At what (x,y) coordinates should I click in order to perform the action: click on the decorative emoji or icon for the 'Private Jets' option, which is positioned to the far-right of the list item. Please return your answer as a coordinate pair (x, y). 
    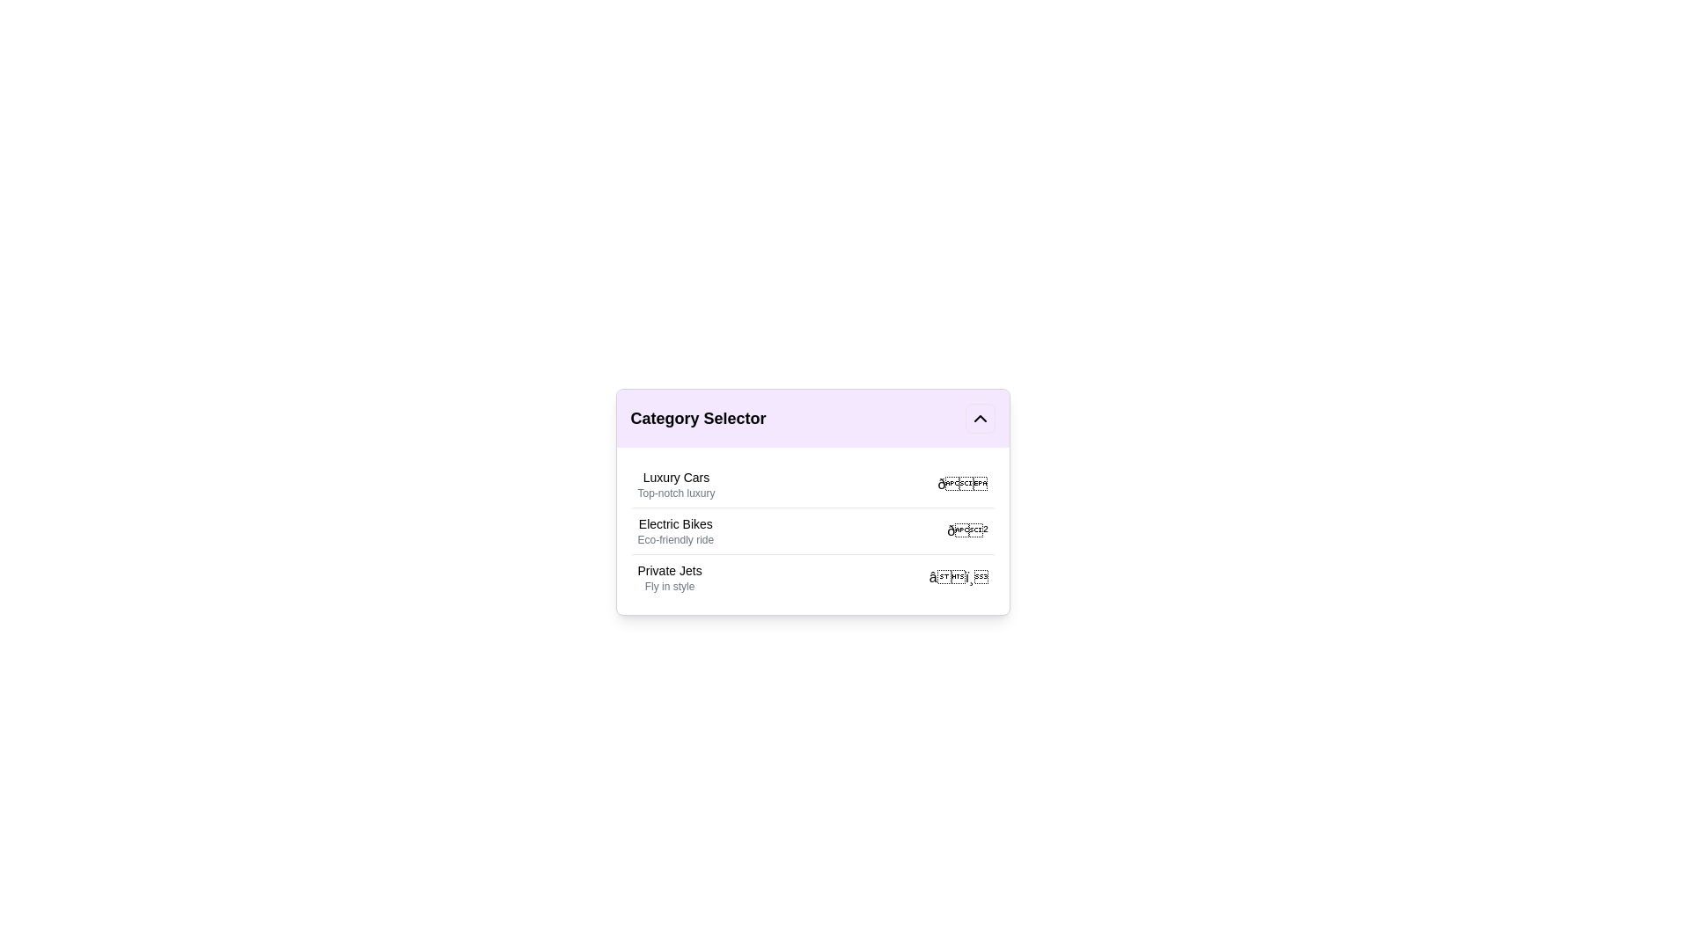
    Looking at the image, I should click on (958, 577).